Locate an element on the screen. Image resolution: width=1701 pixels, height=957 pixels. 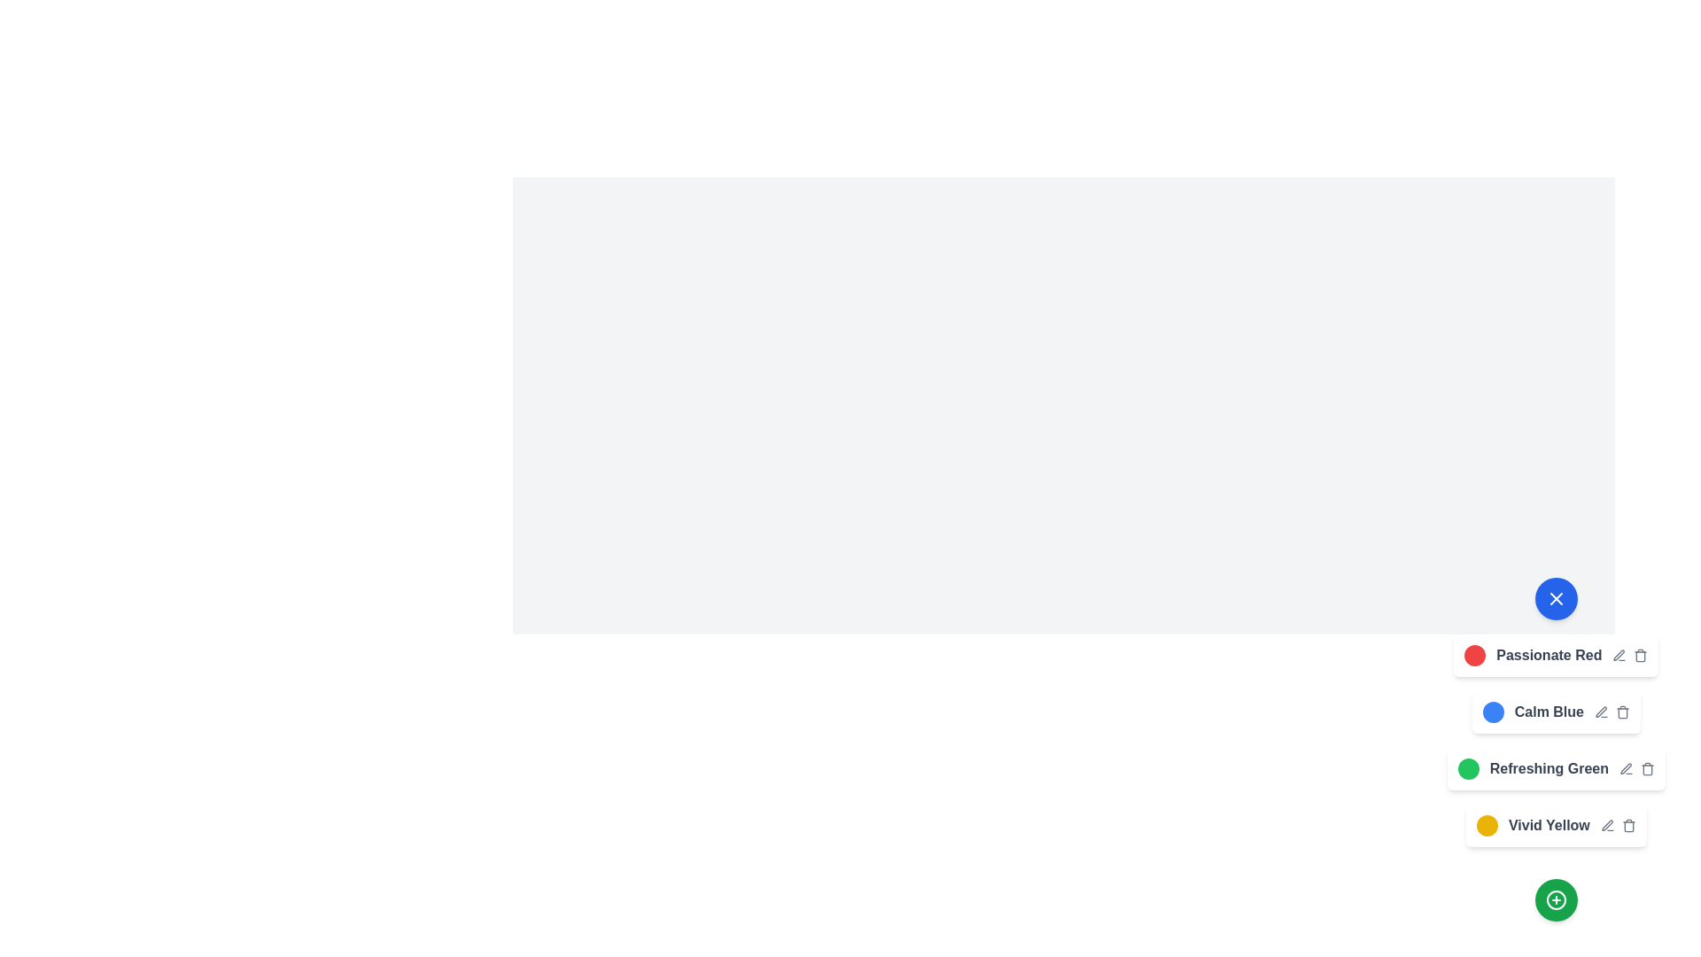
edit button next to the color theme named Passionate Red is located at coordinates (1619, 656).